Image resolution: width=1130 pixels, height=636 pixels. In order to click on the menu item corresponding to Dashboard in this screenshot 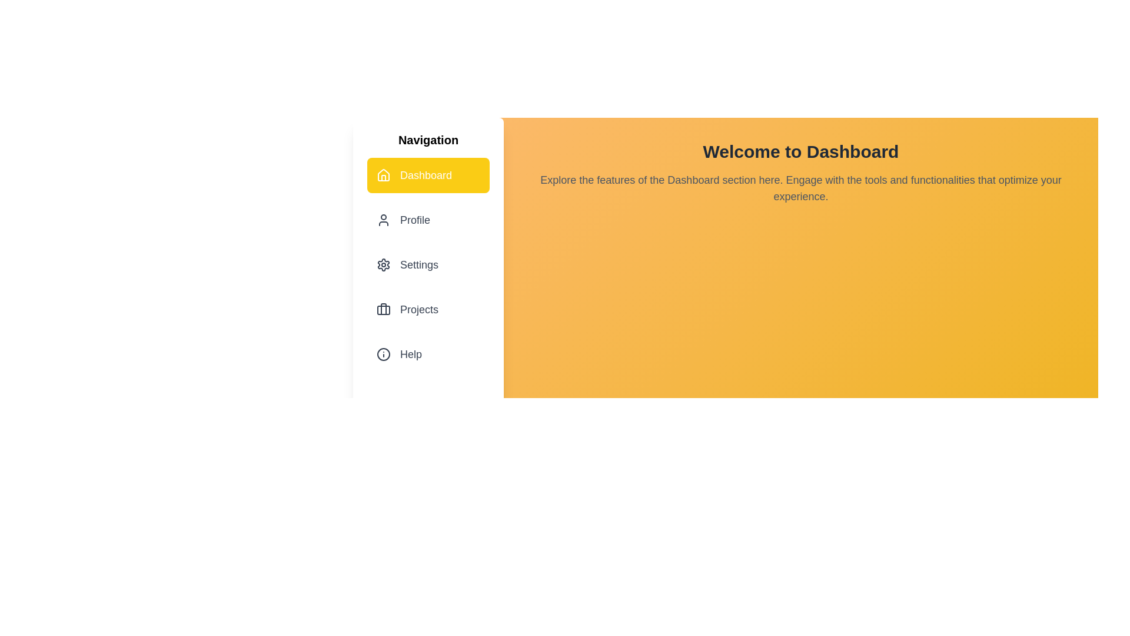, I will do `click(428, 175)`.